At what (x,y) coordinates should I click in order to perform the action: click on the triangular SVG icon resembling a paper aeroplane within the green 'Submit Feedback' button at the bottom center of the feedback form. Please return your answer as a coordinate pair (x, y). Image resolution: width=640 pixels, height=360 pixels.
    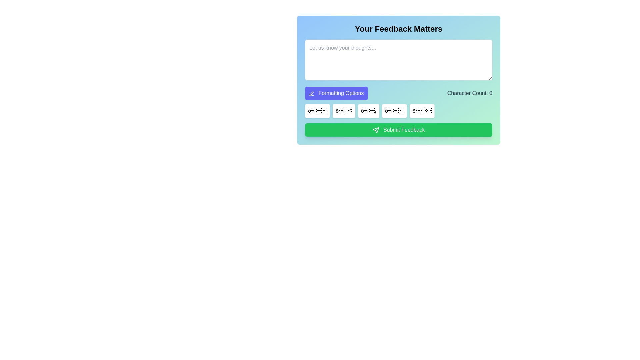
    Looking at the image, I should click on (376, 130).